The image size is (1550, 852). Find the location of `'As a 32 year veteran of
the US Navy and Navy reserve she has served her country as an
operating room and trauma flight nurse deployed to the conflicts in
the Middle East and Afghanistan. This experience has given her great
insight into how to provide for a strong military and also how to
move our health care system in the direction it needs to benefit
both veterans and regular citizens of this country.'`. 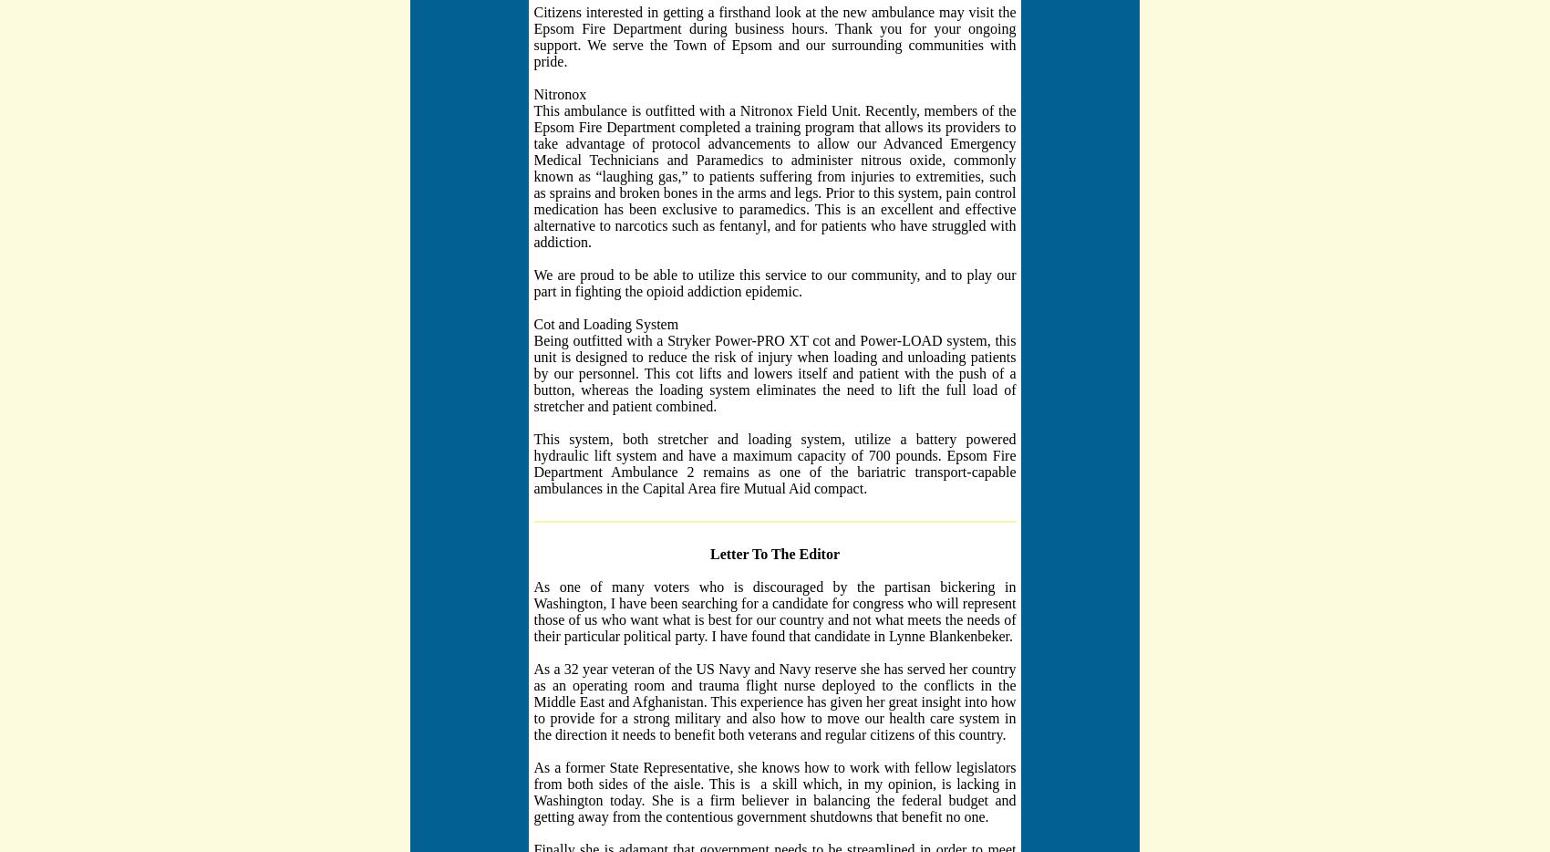

'As a 32 year veteran of
the US Navy and Navy reserve she has served her country as an
operating room and trauma flight nurse deployed to the conflicts in
the Middle East and Afghanistan. This experience has given her great
insight into how to provide for a strong military and also how to
move our health care system in the direction it needs to benefit
both veterans and regular citizens of this country.' is located at coordinates (773, 700).